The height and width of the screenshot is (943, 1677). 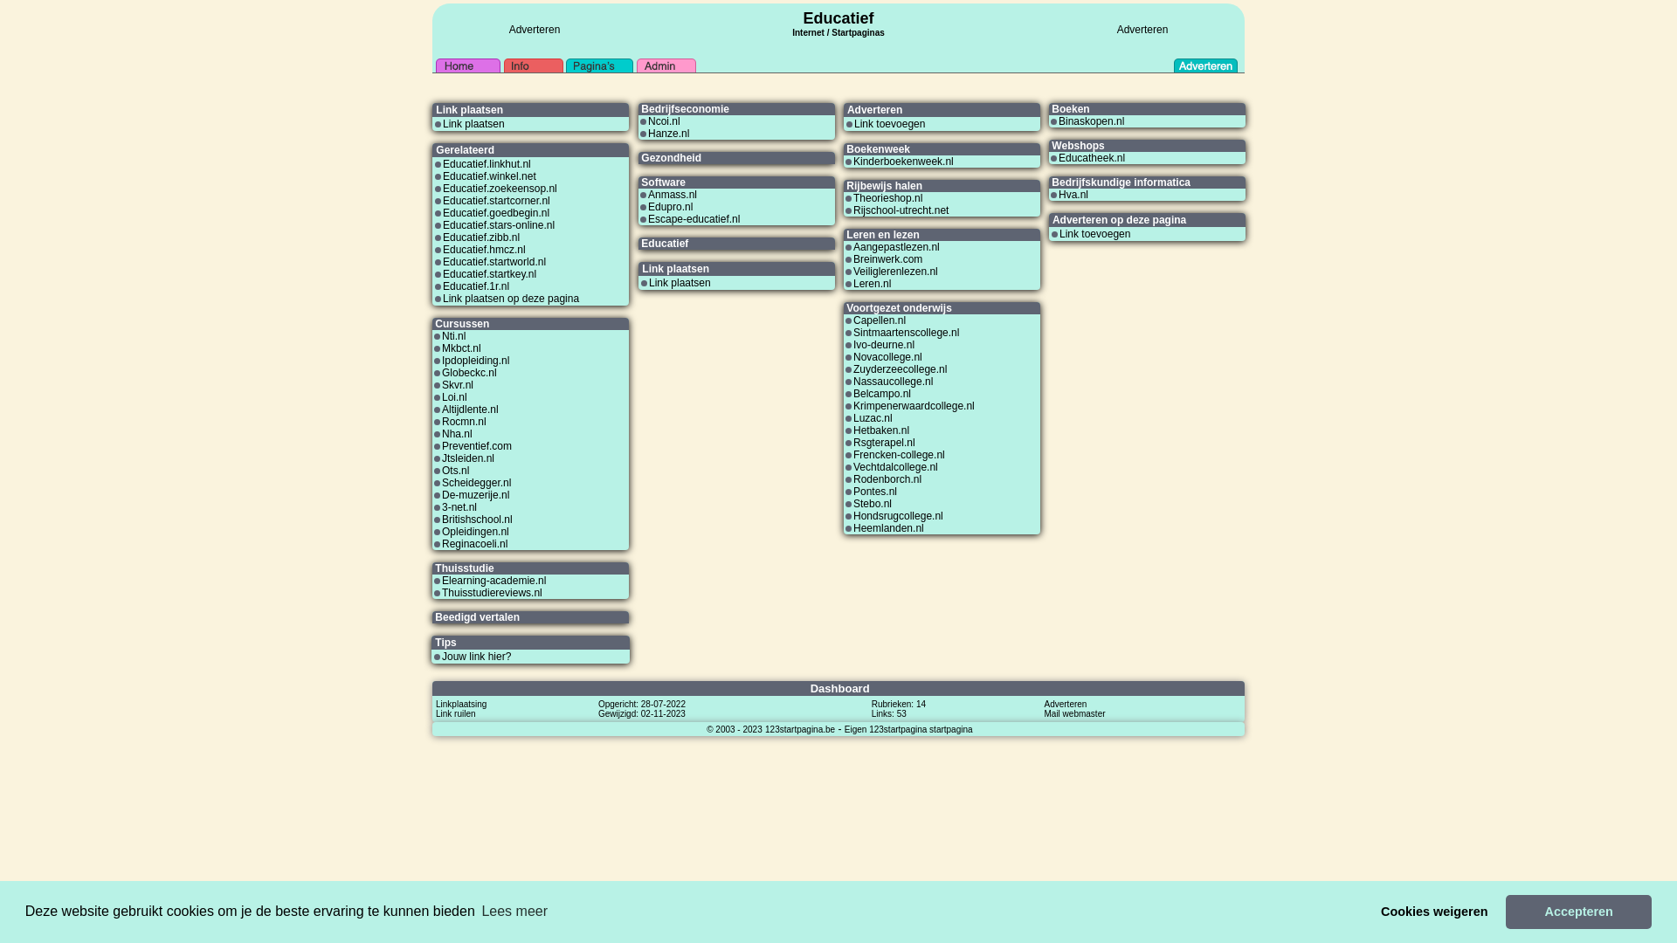 What do you see at coordinates (495, 200) in the screenshot?
I see `'Educatief.startcorner.nl'` at bounding box center [495, 200].